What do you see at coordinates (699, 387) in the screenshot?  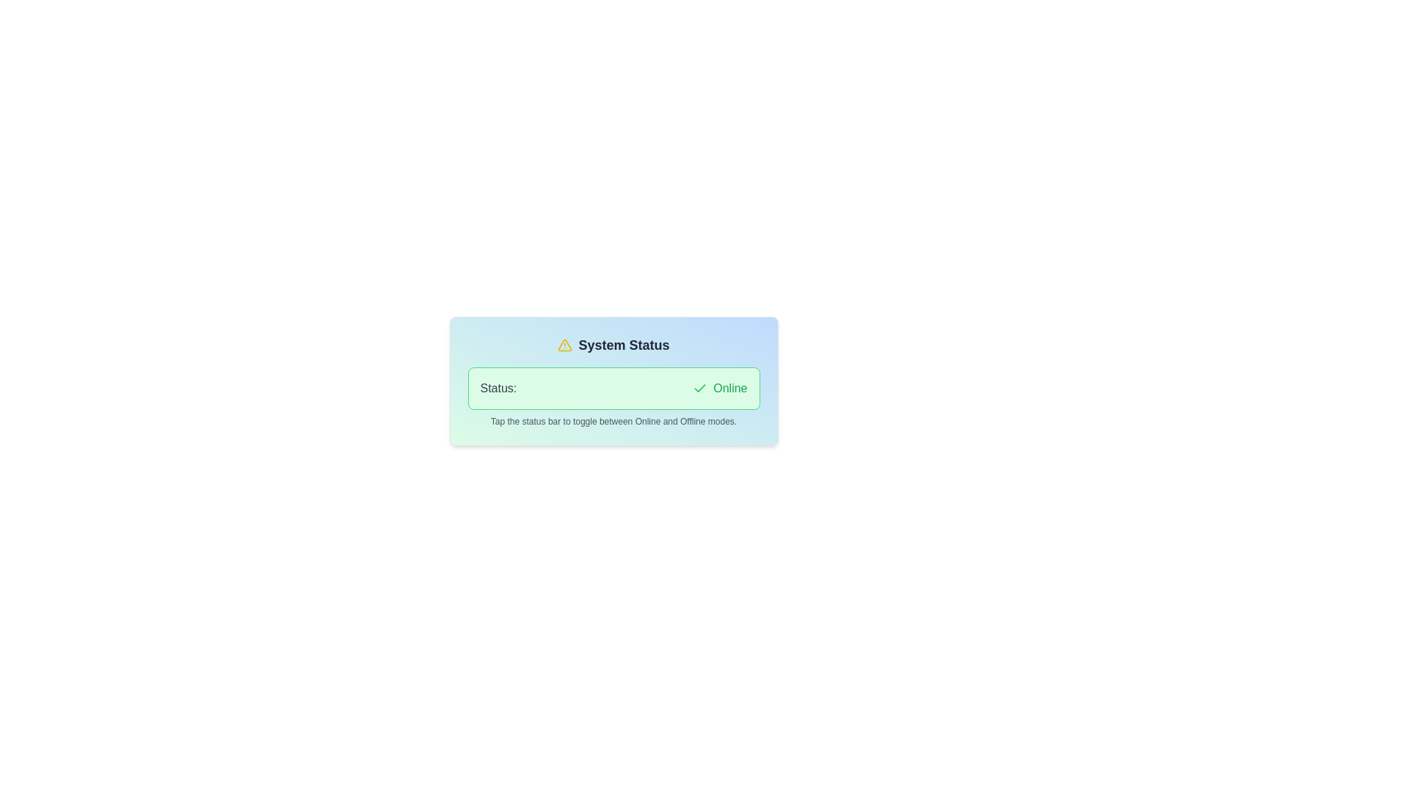 I see `the significance of the green checkmark icon indicating 'Online' status, which is located prominently next to the text within the status card` at bounding box center [699, 387].